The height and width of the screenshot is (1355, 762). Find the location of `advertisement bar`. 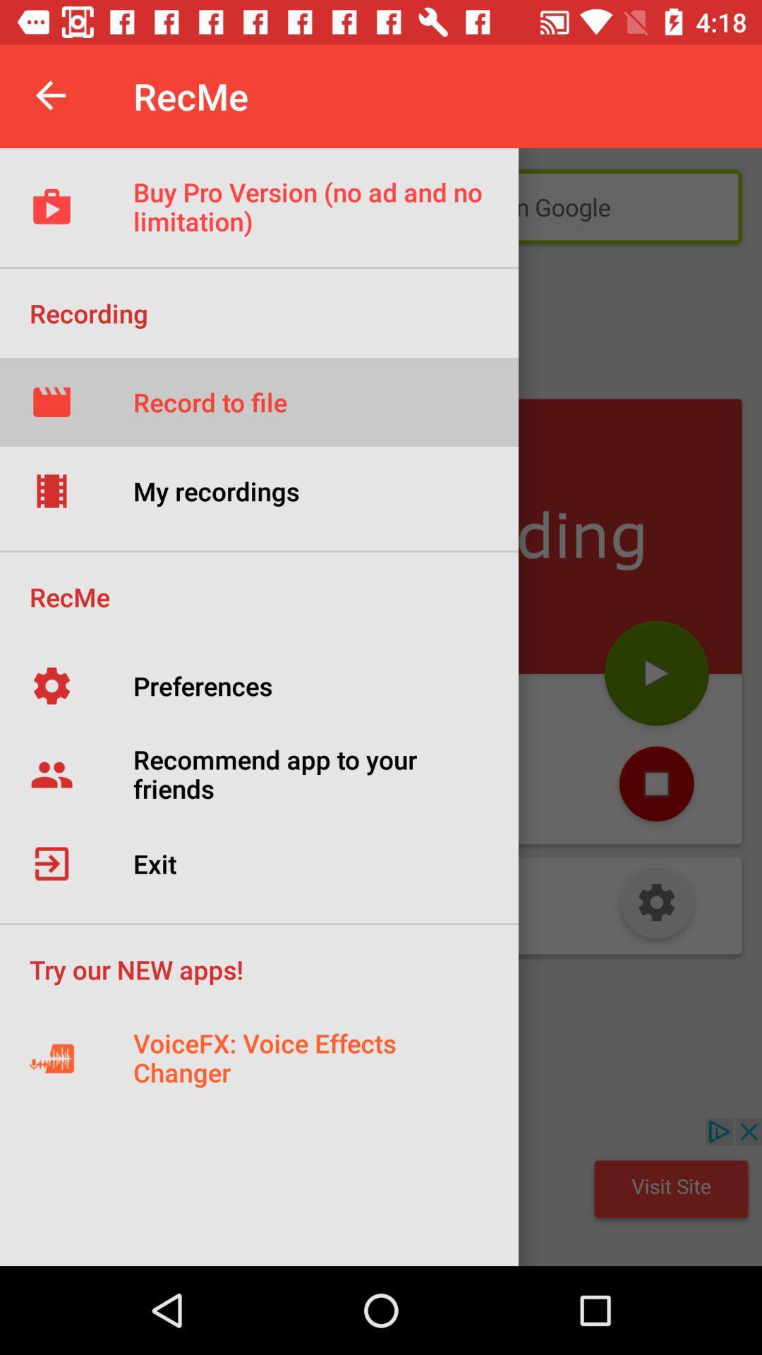

advertisement bar is located at coordinates (381, 1191).